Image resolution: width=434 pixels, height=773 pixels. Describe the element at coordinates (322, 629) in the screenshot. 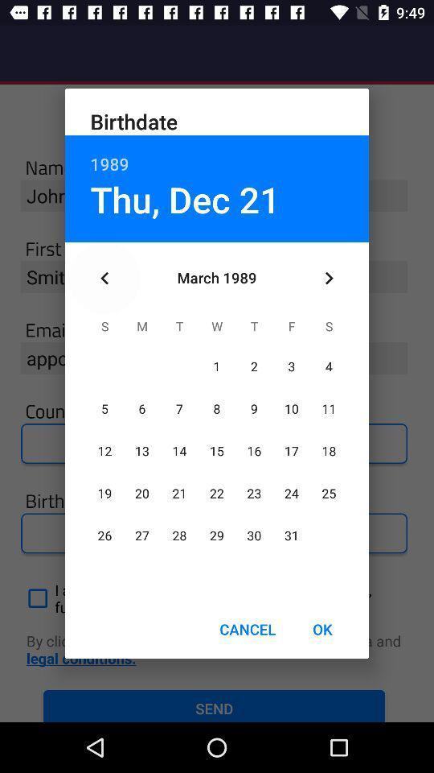

I see `ok` at that location.